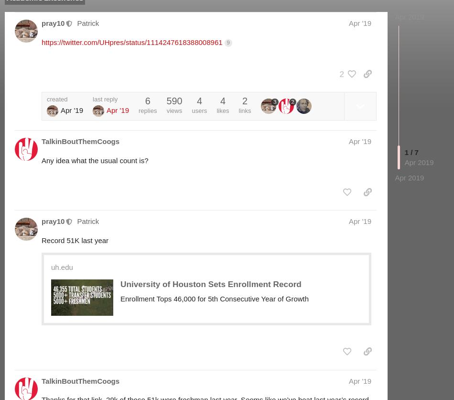 This screenshot has width=454, height=400. What do you see at coordinates (244, 110) in the screenshot?
I see `'links'` at bounding box center [244, 110].